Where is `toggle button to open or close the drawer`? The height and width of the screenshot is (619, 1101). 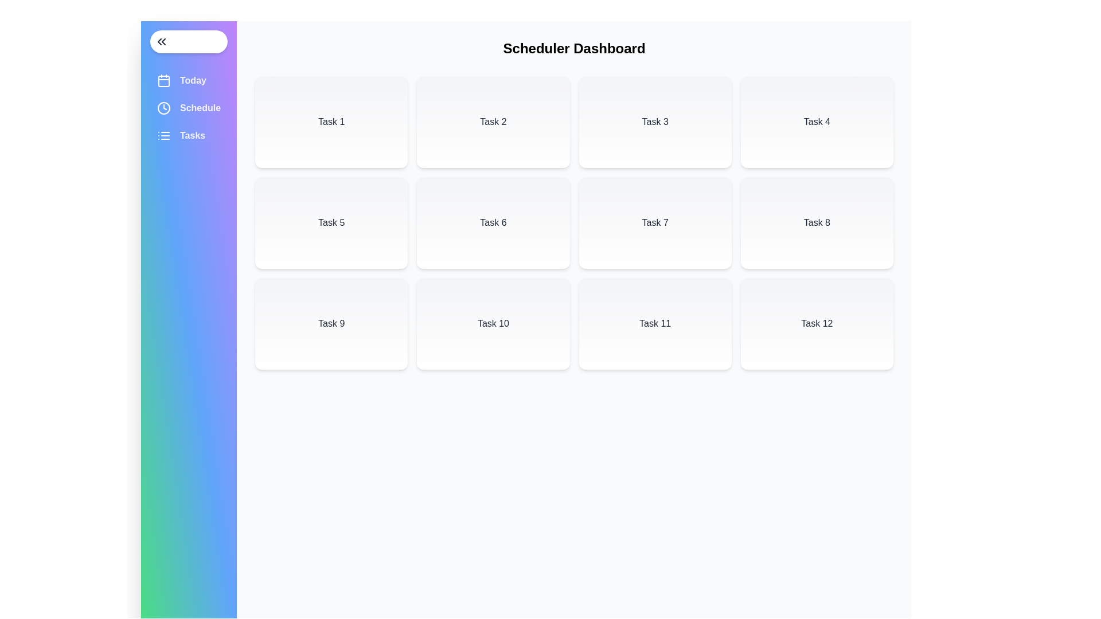
toggle button to open or close the drawer is located at coordinates (189, 41).